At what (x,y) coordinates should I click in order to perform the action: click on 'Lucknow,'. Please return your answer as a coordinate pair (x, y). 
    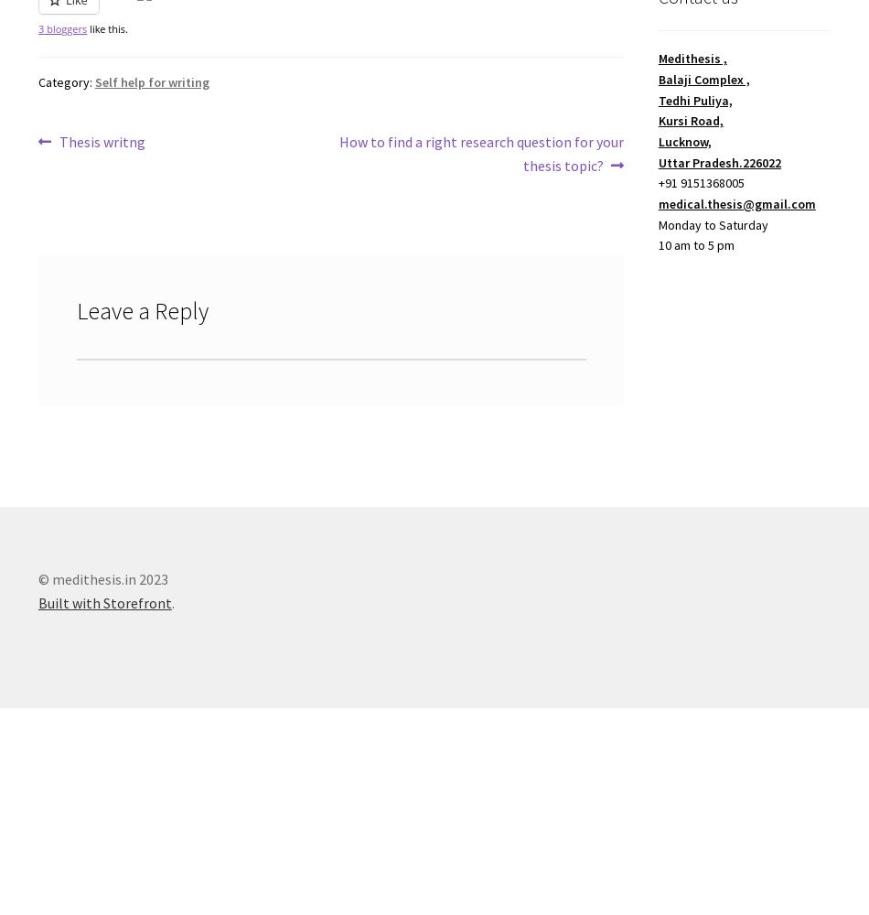
    Looking at the image, I should click on (683, 141).